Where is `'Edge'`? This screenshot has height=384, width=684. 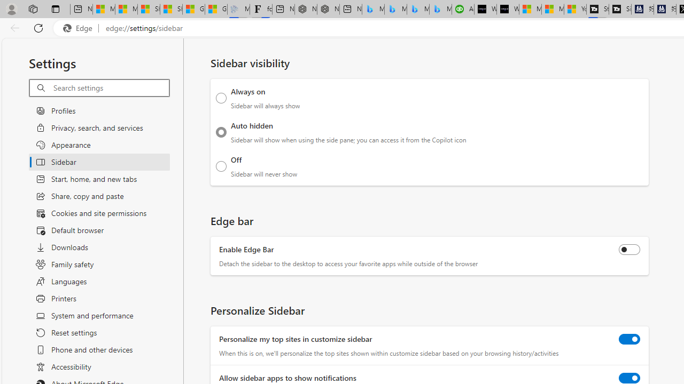
'Edge' is located at coordinates (80, 28).